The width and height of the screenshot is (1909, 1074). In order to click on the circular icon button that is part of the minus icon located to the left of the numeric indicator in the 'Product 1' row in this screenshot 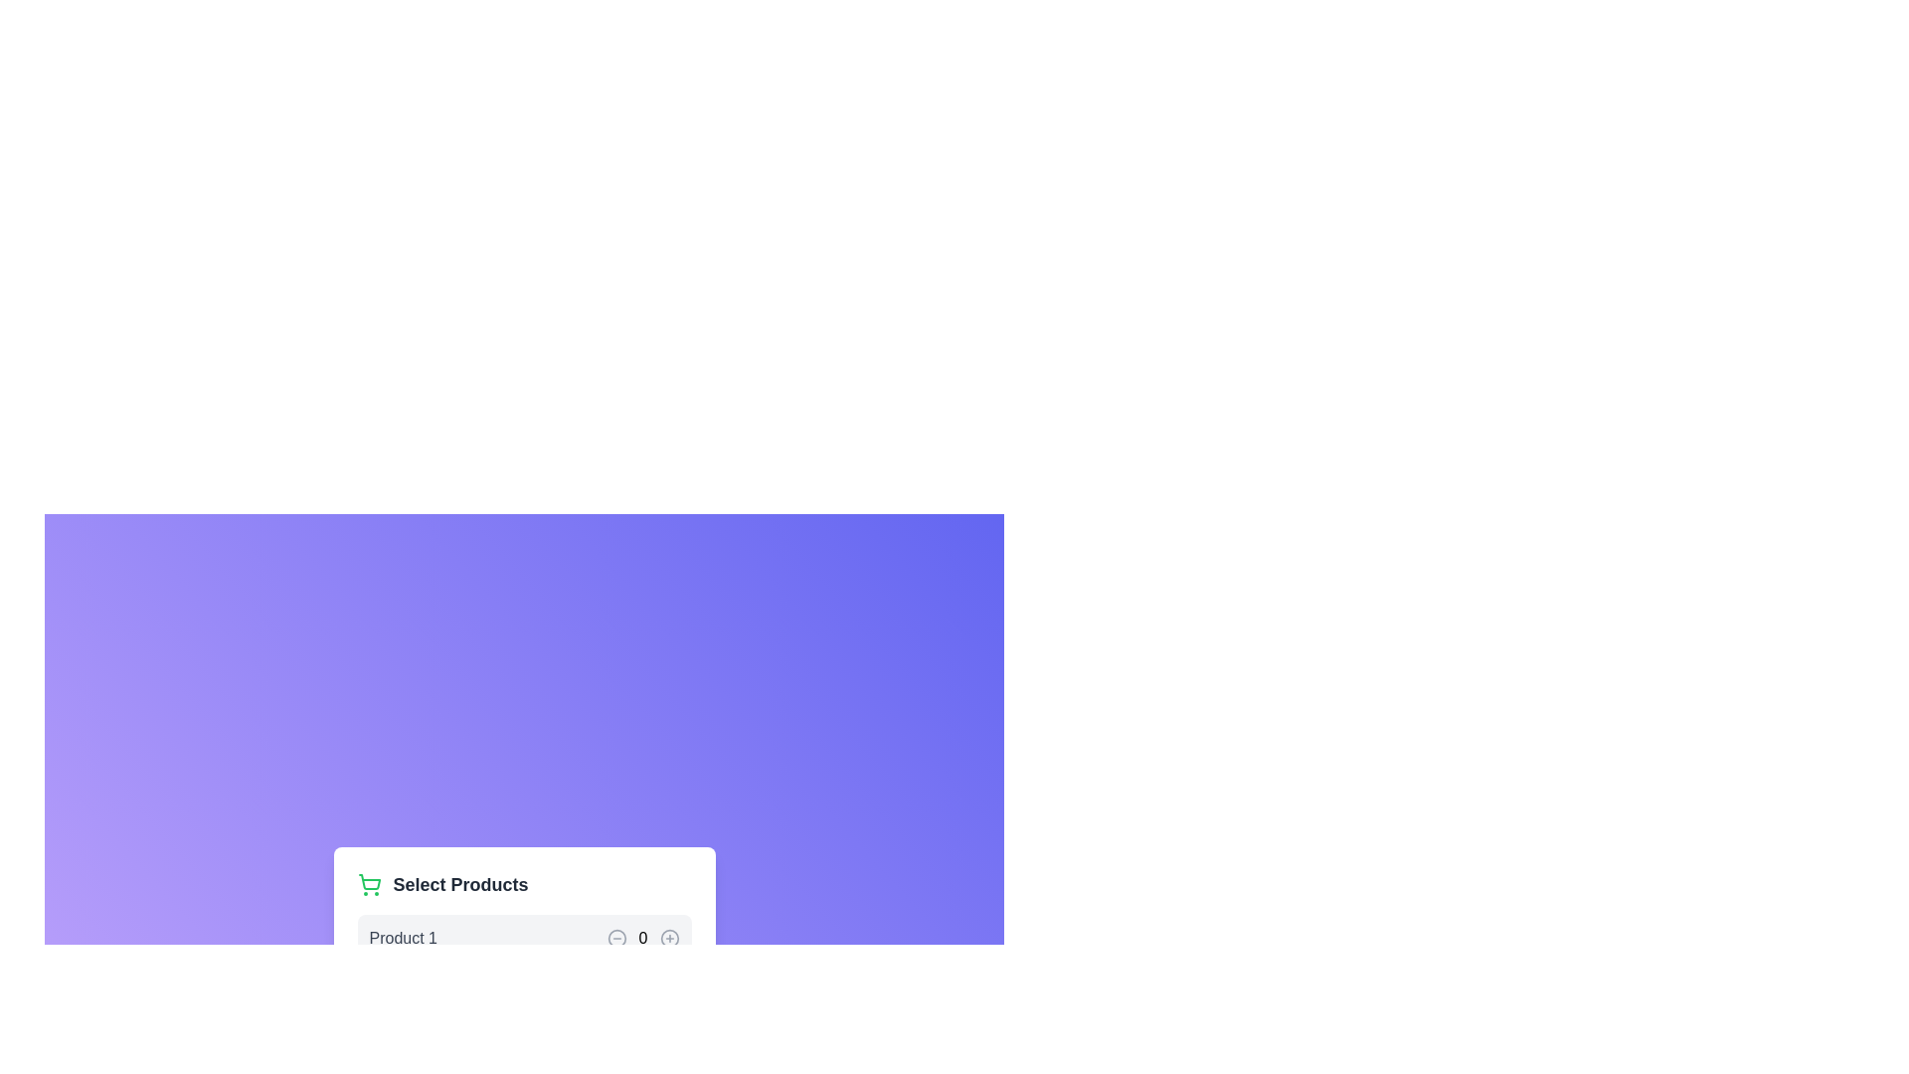, I will do `click(615, 939)`.